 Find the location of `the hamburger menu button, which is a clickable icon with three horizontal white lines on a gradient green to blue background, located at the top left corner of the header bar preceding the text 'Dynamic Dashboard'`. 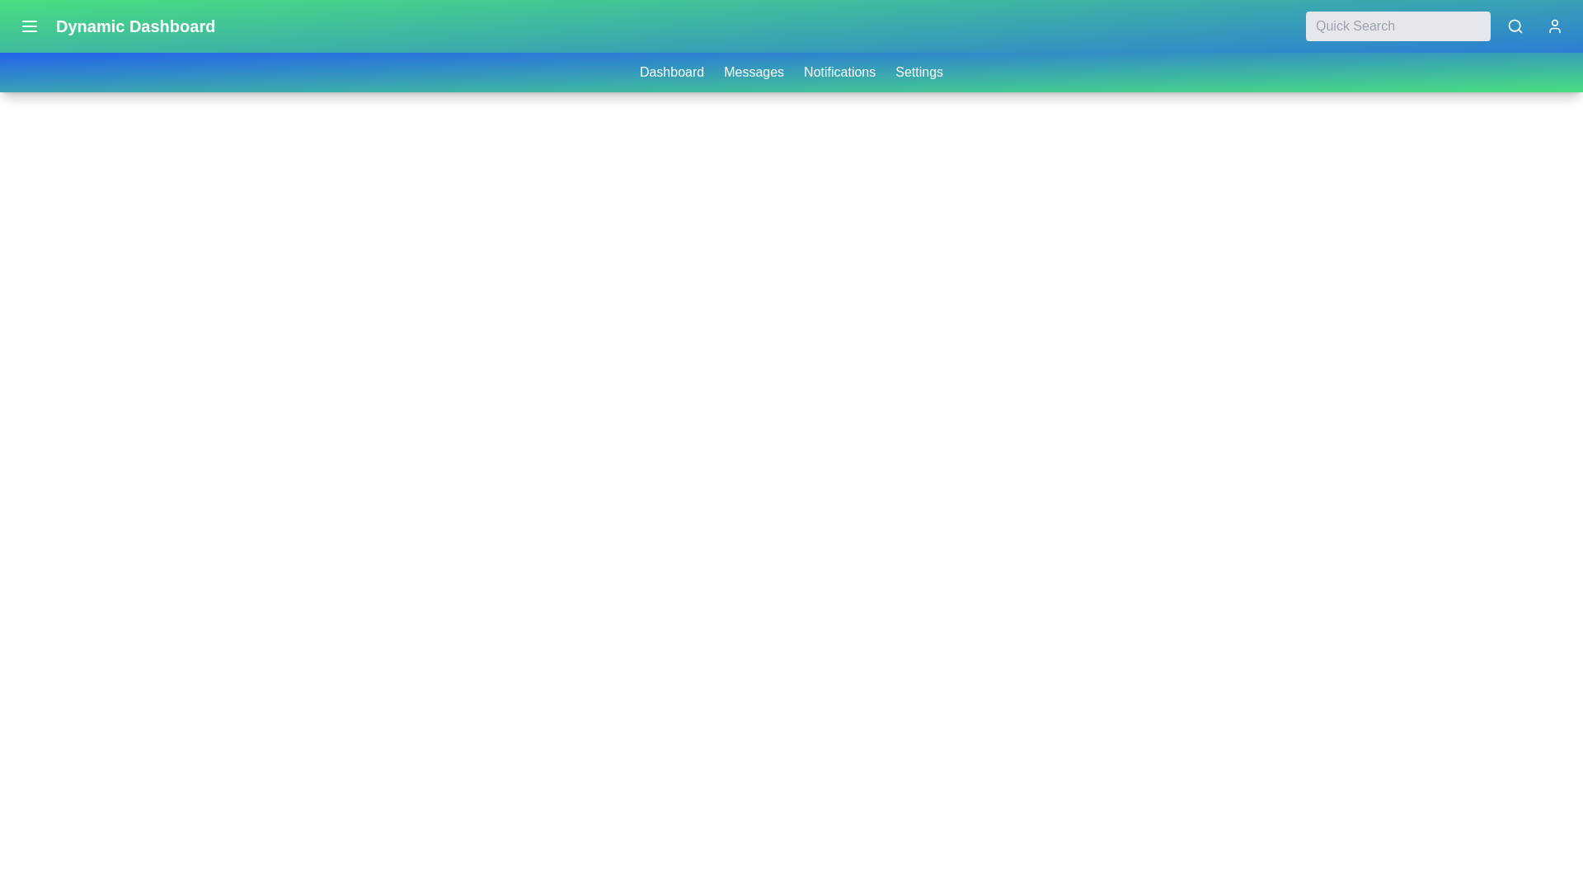

the hamburger menu button, which is a clickable icon with three horizontal white lines on a gradient green to blue background, located at the top left corner of the header bar preceding the text 'Dynamic Dashboard' is located at coordinates (29, 26).